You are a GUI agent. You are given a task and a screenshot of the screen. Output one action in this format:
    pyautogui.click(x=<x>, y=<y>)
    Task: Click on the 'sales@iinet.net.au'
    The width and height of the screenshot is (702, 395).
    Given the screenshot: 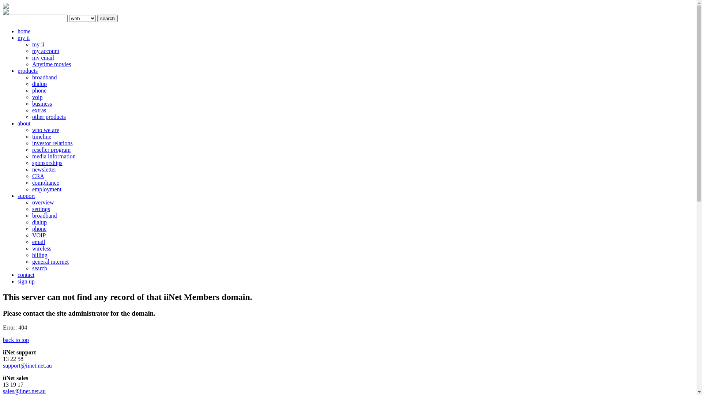 What is the action you would take?
    pyautogui.click(x=24, y=391)
    